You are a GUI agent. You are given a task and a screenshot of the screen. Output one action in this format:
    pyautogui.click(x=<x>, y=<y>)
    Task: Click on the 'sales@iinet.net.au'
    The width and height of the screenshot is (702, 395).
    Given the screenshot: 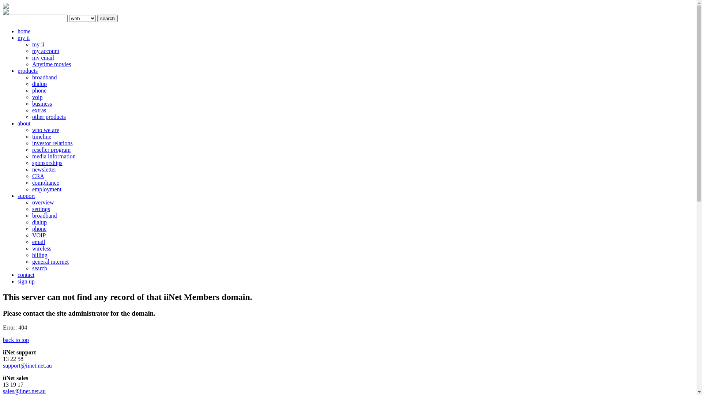 What is the action you would take?
    pyautogui.click(x=24, y=391)
    